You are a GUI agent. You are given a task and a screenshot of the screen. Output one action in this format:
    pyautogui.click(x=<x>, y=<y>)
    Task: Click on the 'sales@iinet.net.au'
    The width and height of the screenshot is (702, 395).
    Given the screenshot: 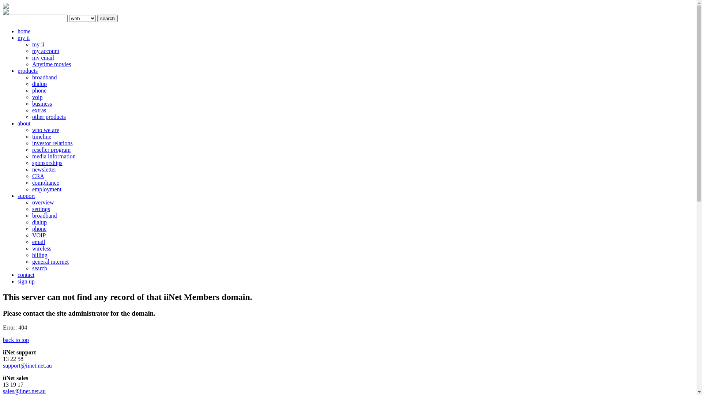 What is the action you would take?
    pyautogui.click(x=24, y=391)
    